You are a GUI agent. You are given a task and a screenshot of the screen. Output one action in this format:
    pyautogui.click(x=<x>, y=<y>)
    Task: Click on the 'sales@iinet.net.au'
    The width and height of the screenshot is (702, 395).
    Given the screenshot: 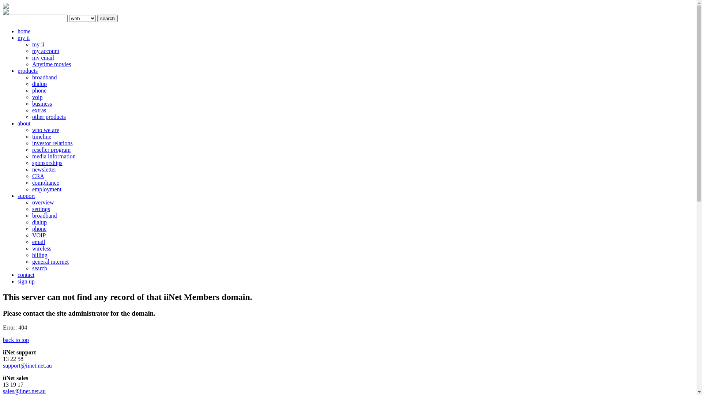 What is the action you would take?
    pyautogui.click(x=24, y=391)
    